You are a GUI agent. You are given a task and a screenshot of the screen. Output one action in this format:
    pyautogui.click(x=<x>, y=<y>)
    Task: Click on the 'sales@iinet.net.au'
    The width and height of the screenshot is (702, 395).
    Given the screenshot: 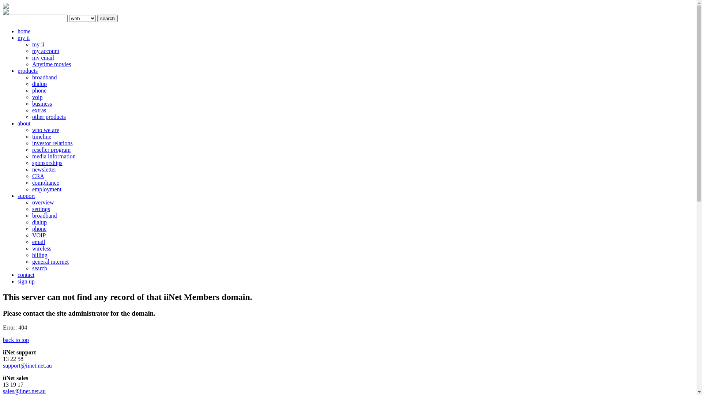 What is the action you would take?
    pyautogui.click(x=24, y=391)
    